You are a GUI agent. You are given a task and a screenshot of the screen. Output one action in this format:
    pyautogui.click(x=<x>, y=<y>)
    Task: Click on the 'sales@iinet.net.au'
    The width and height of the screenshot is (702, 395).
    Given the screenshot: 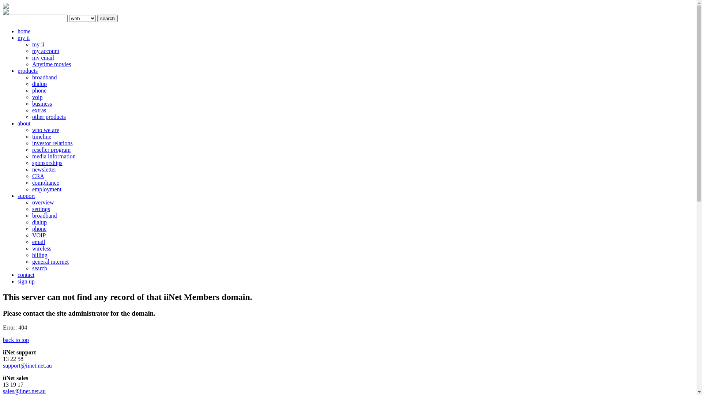 What is the action you would take?
    pyautogui.click(x=24, y=391)
    